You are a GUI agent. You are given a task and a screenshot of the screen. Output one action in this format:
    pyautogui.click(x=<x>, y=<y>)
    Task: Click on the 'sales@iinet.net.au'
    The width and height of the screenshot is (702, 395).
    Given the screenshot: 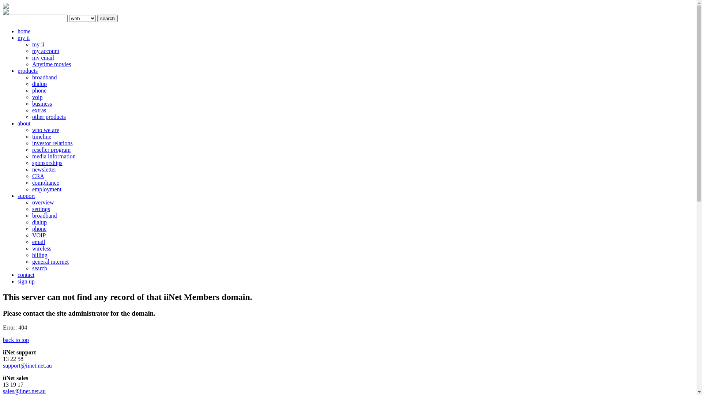 What is the action you would take?
    pyautogui.click(x=24, y=391)
    